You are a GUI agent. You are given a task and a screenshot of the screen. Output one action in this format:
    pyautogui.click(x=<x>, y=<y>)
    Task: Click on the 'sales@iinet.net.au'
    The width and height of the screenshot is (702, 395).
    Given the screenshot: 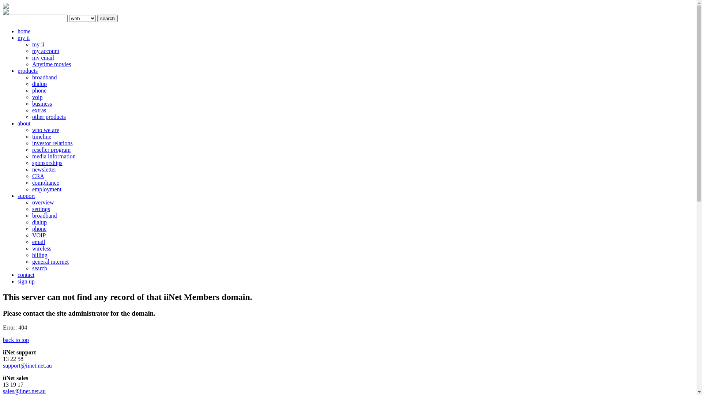 What is the action you would take?
    pyautogui.click(x=24, y=391)
    